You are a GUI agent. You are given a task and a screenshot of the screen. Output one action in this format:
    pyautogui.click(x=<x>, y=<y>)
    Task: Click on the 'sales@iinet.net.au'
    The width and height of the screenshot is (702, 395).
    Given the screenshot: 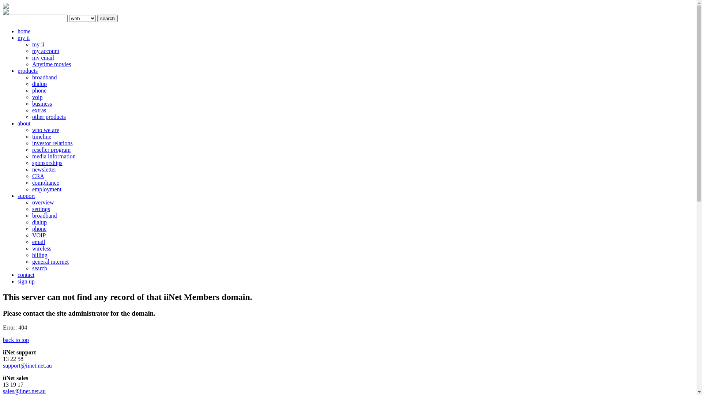 What is the action you would take?
    pyautogui.click(x=24, y=391)
    